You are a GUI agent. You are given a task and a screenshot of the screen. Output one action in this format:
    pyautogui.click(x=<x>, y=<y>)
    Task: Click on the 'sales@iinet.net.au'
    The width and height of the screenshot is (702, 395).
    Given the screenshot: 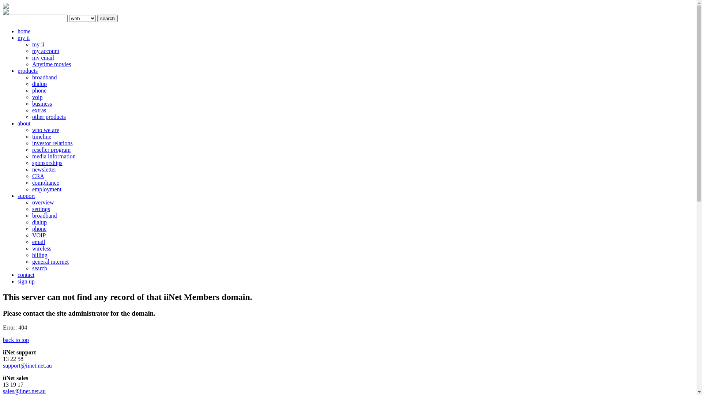 What is the action you would take?
    pyautogui.click(x=24, y=391)
    